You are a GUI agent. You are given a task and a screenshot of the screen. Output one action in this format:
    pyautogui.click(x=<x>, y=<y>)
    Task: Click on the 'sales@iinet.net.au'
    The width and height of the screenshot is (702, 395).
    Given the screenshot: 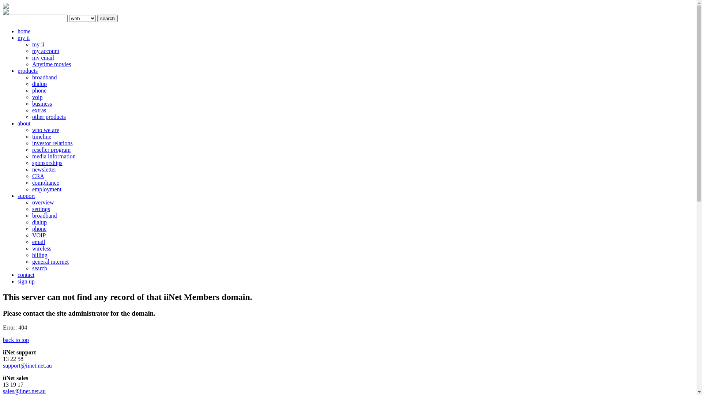 What is the action you would take?
    pyautogui.click(x=24, y=391)
    